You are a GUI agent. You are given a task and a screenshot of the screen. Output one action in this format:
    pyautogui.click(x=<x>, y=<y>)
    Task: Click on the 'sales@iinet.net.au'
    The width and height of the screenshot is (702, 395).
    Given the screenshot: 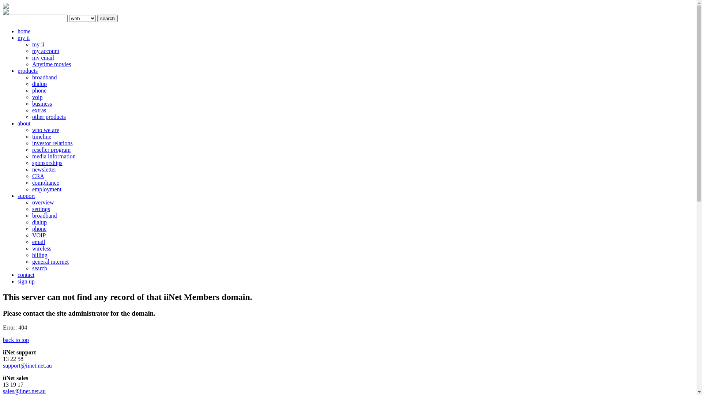 What is the action you would take?
    pyautogui.click(x=24, y=391)
    